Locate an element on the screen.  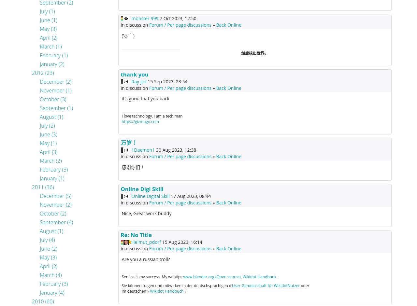
'June (1)' is located at coordinates (48, 20).